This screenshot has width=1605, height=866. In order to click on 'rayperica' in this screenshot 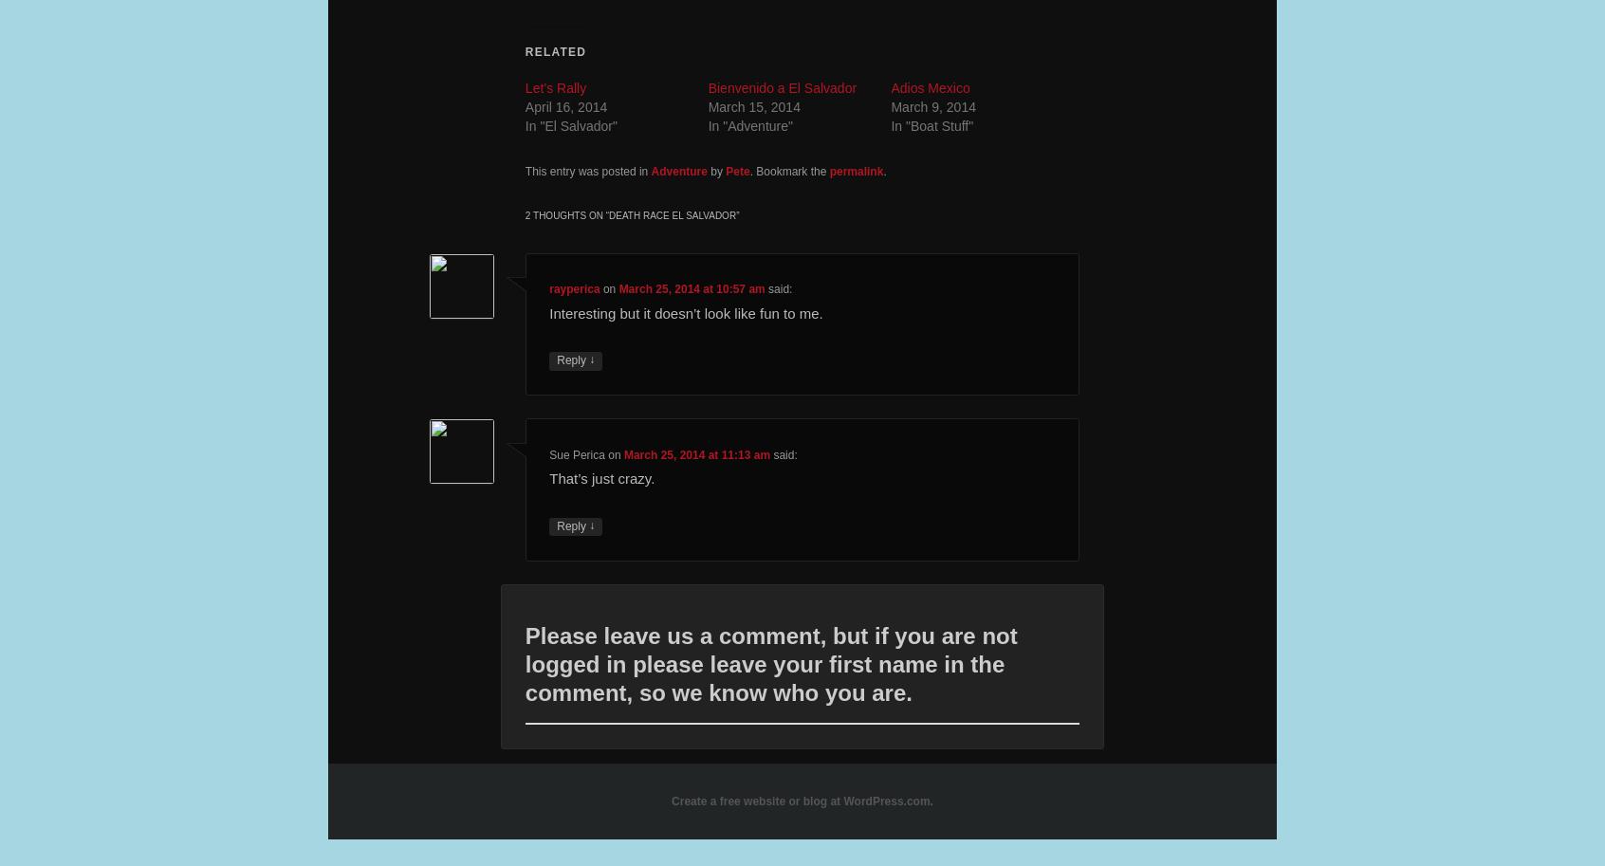, I will do `click(573, 288)`.